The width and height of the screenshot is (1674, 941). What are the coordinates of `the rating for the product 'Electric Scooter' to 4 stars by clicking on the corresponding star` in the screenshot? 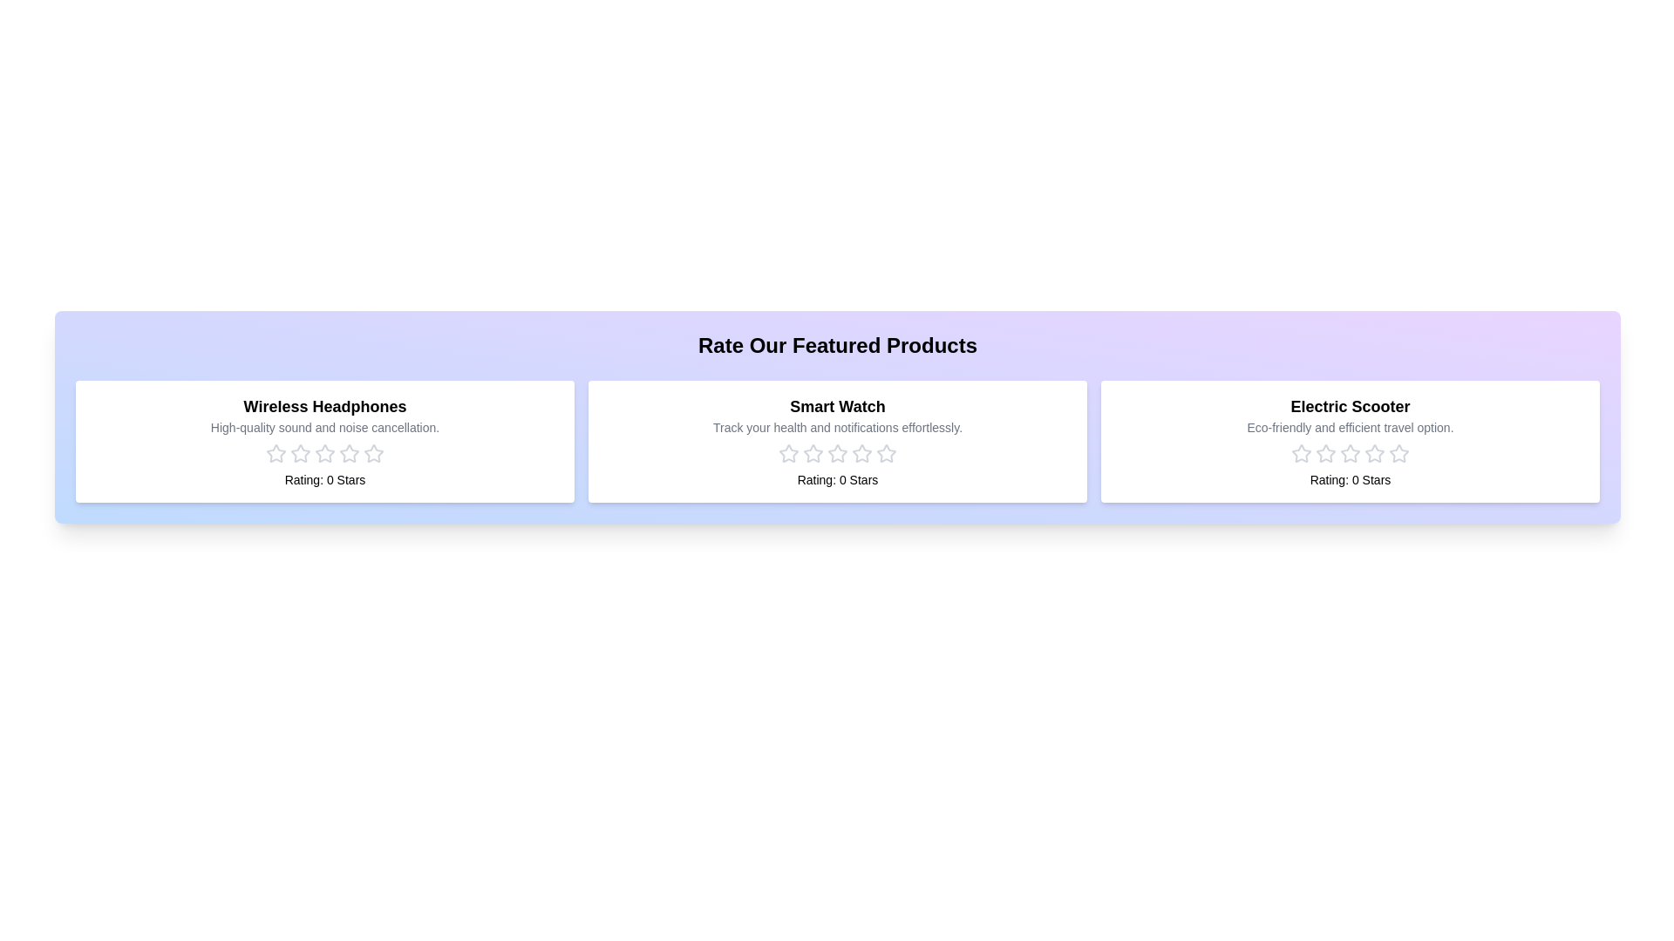 It's located at (1374, 452).